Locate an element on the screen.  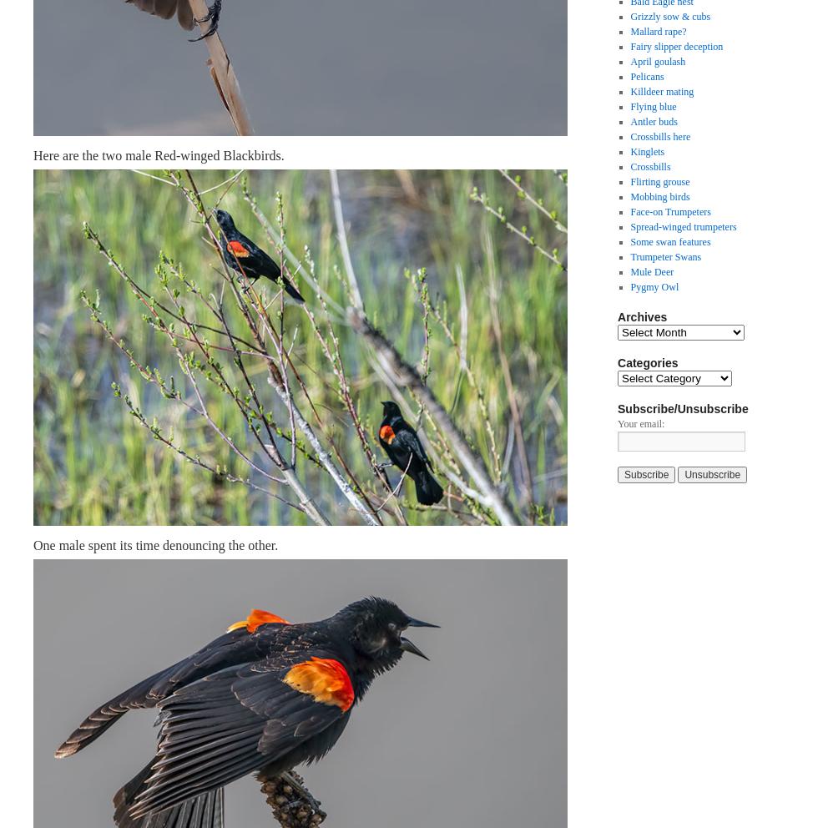
'Mobbing birds' is located at coordinates (659, 196).